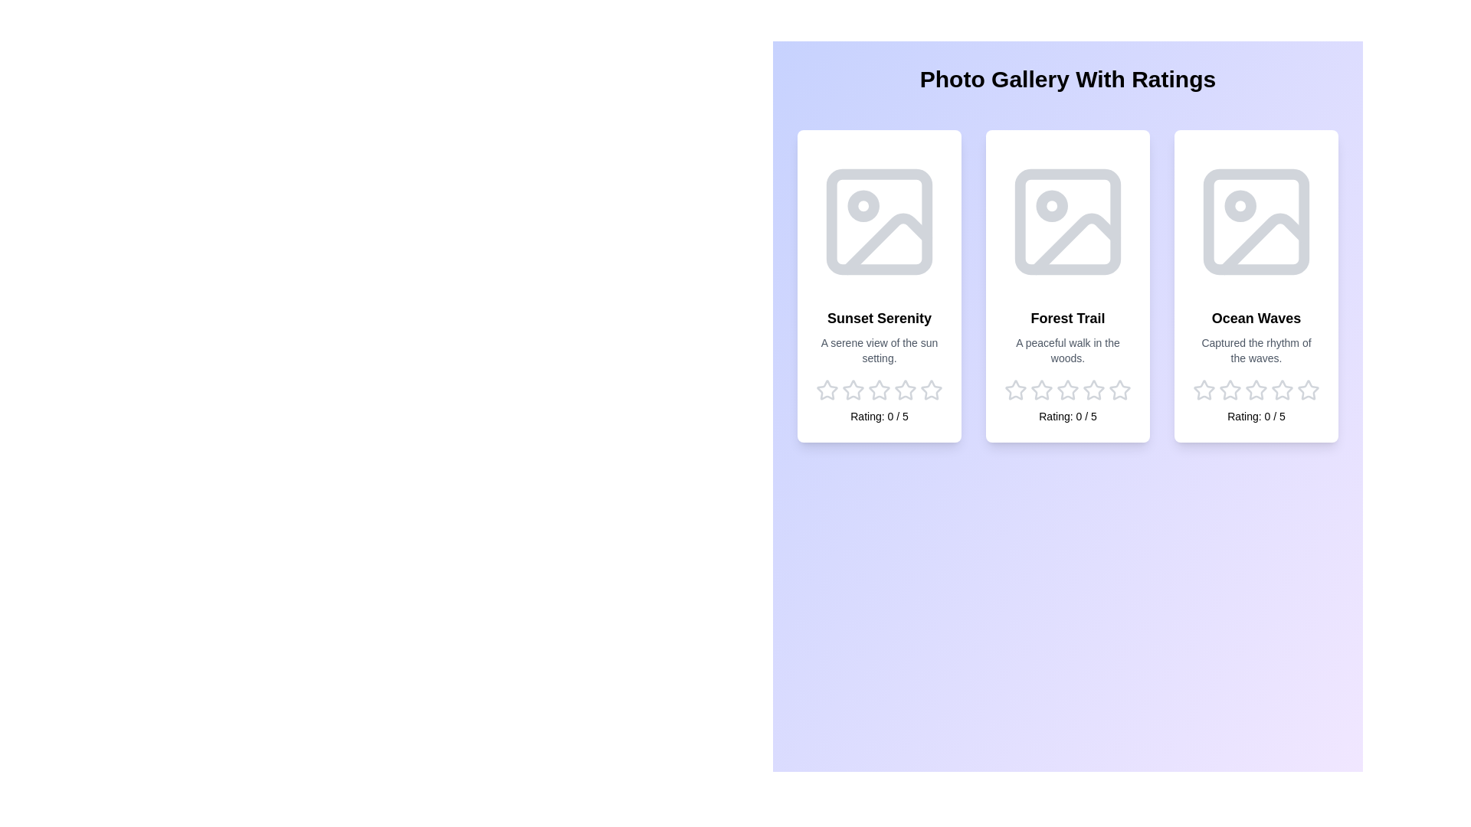  I want to click on the star corresponding to the rating 2 for the image Ocean Waves, so click(1230, 389).